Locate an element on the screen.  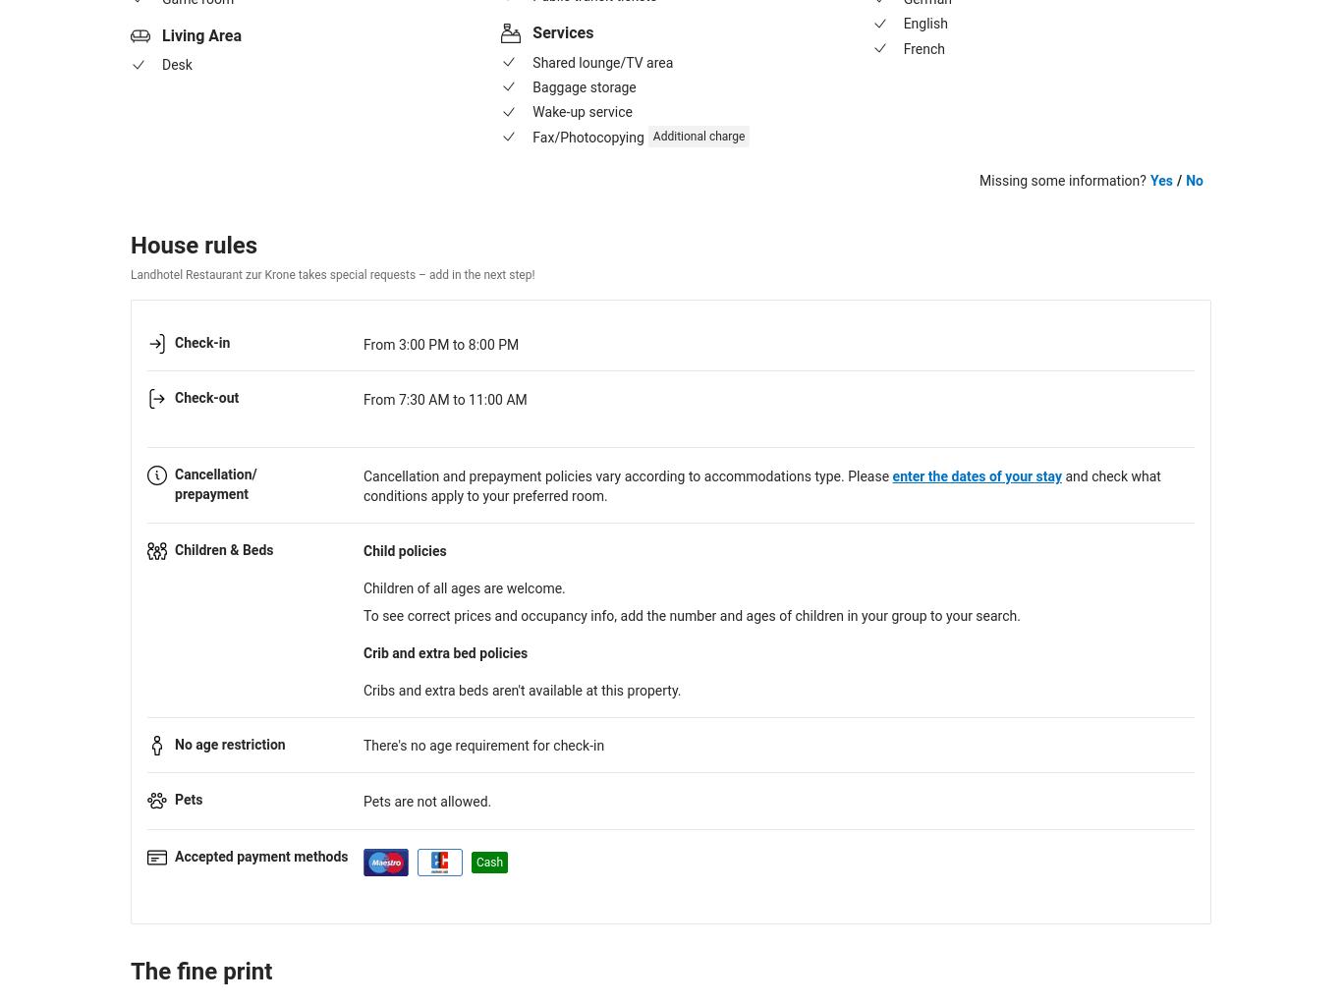
'Check-out' is located at coordinates (205, 398).